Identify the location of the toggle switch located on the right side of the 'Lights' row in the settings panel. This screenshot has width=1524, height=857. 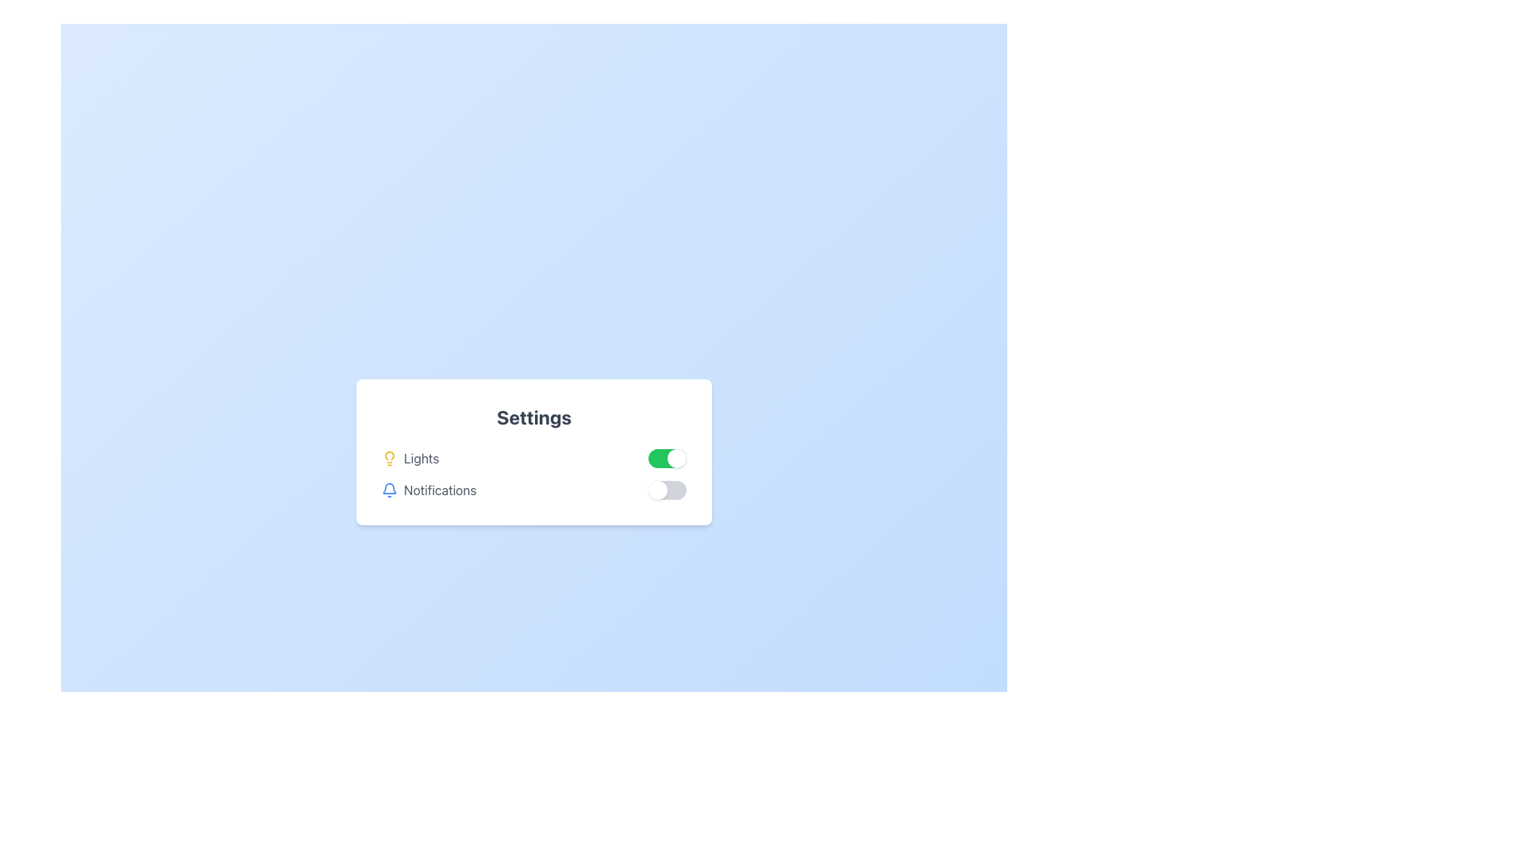
(667, 459).